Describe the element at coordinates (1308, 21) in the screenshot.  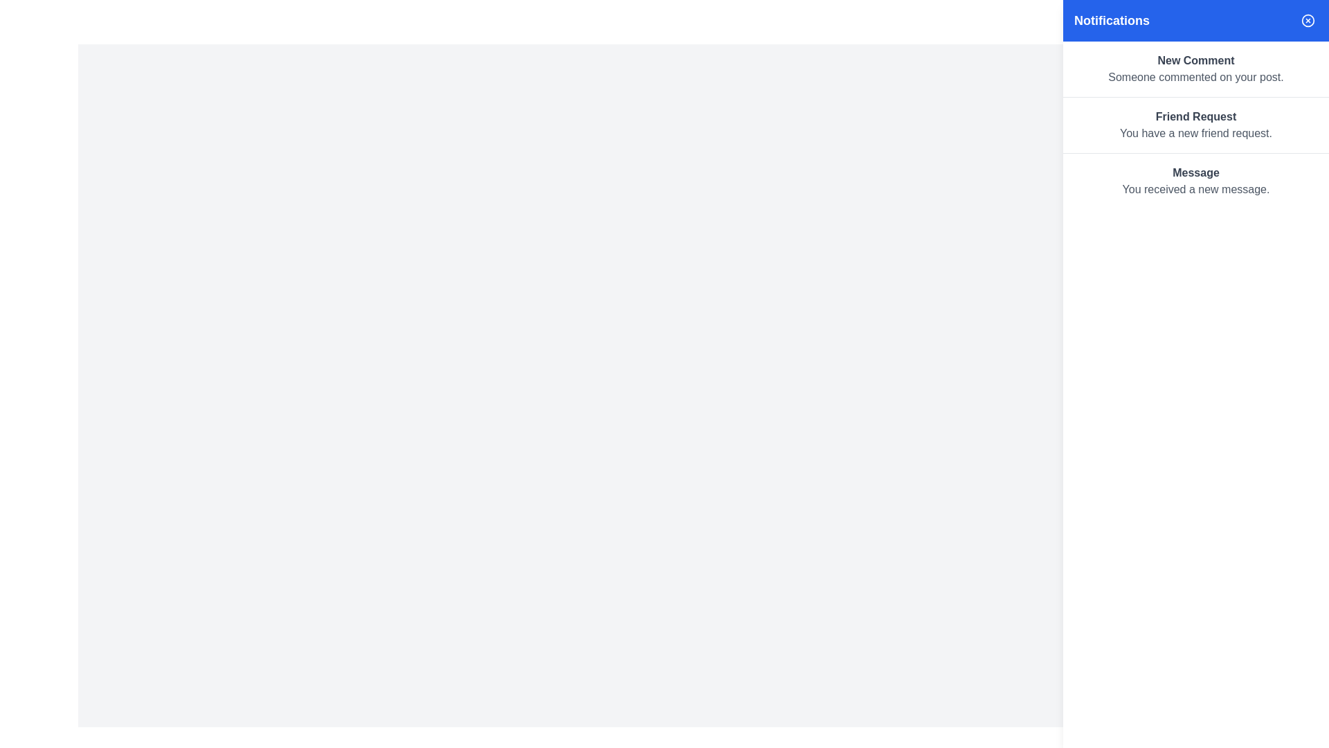
I see `the circular close icon located at the top-right corner of the Notifications panel` at that location.